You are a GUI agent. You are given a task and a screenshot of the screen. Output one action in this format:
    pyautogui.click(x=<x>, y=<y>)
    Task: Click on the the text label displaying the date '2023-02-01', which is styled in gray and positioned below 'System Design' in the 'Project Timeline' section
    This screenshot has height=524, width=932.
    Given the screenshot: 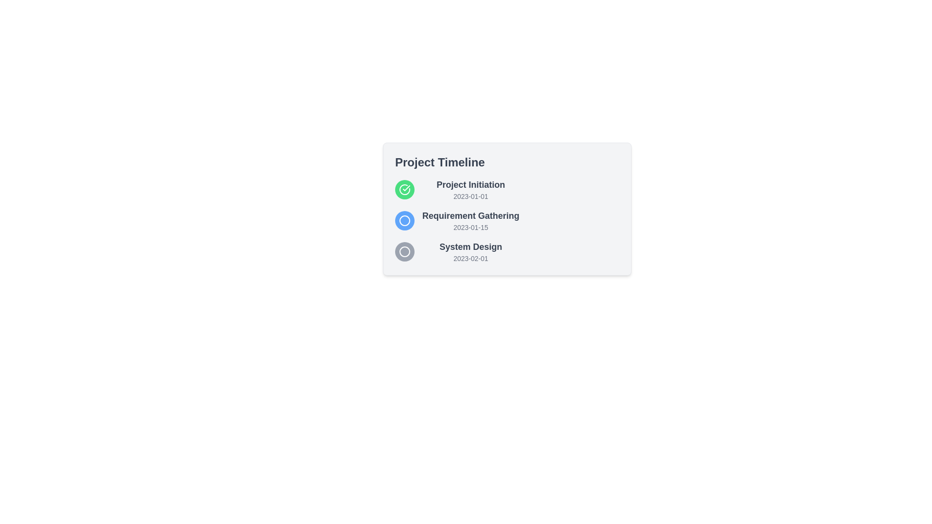 What is the action you would take?
    pyautogui.click(x=470, y=258)
    